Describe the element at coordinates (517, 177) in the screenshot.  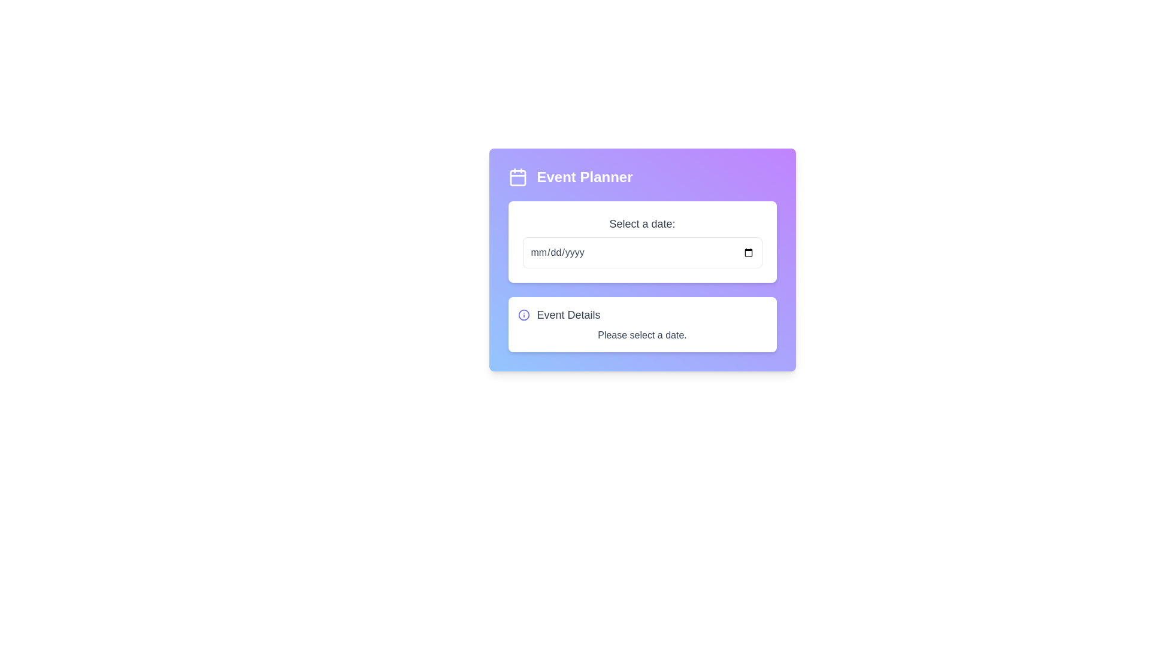
I see `the calendar icon located at the leftmost position of the header section, preceding the 'Event Planner' text` at that location.